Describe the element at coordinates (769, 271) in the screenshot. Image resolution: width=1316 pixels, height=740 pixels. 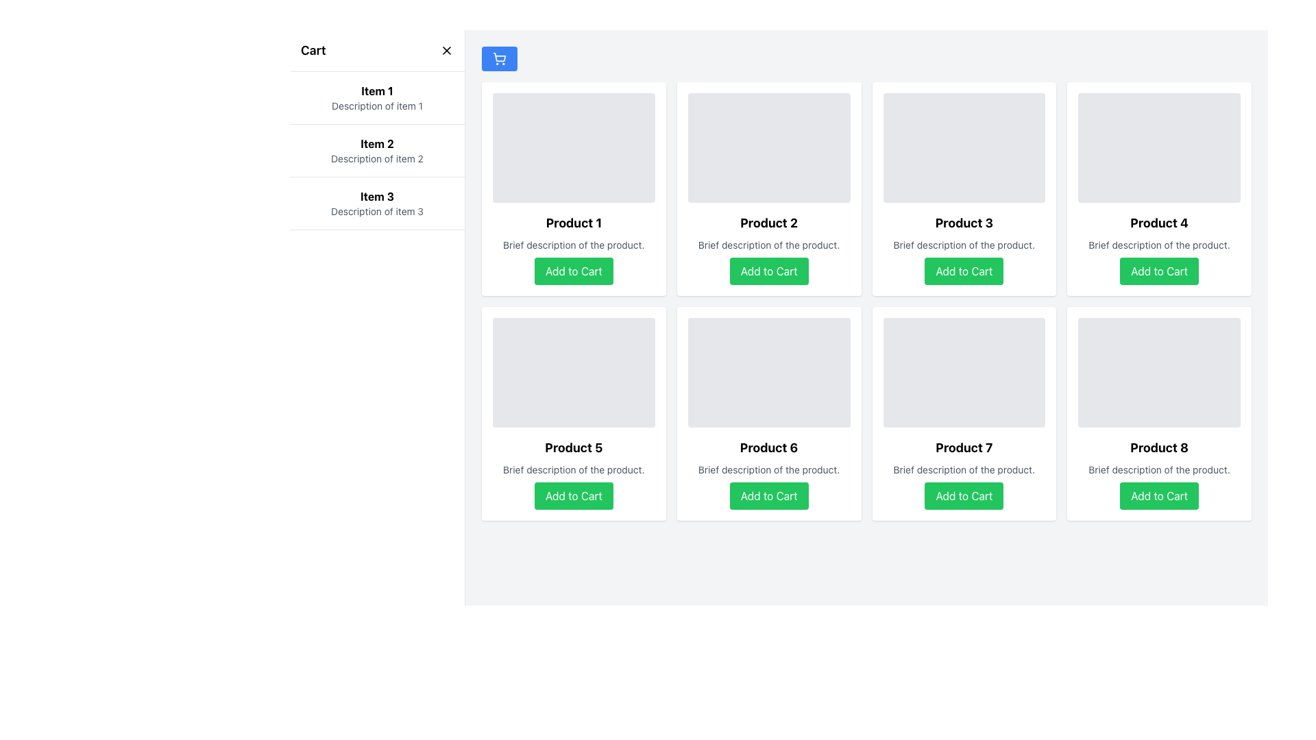
I see `the 'Add to Cart' button with a green background and white text located at the bottom of the card for 'Product 2' in the top row, second column of the grid layout` at that location.